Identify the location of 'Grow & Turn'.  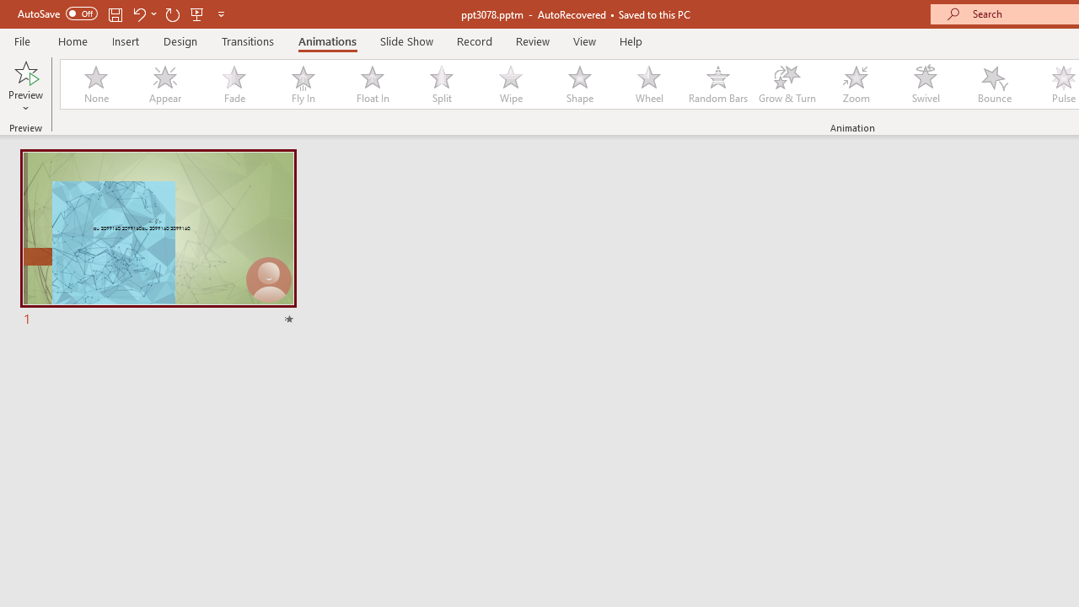
(786, 84).